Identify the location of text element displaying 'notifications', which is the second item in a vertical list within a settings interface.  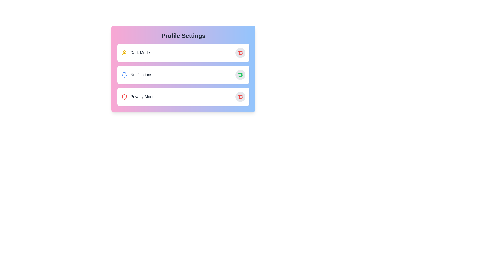
(141, 75).